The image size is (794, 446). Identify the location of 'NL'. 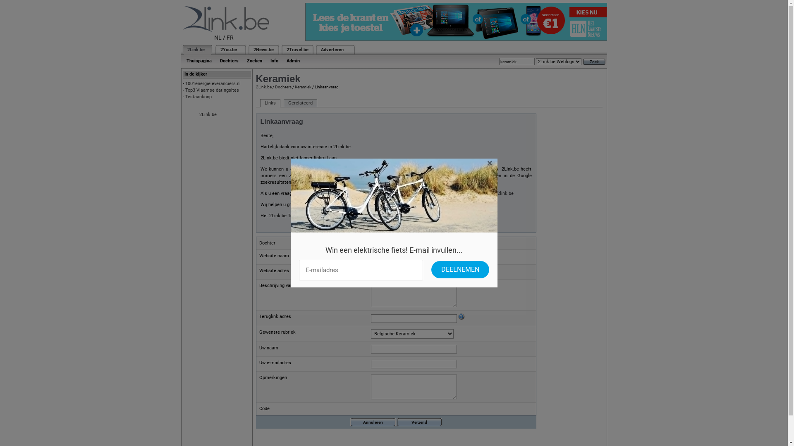
(218, 38).